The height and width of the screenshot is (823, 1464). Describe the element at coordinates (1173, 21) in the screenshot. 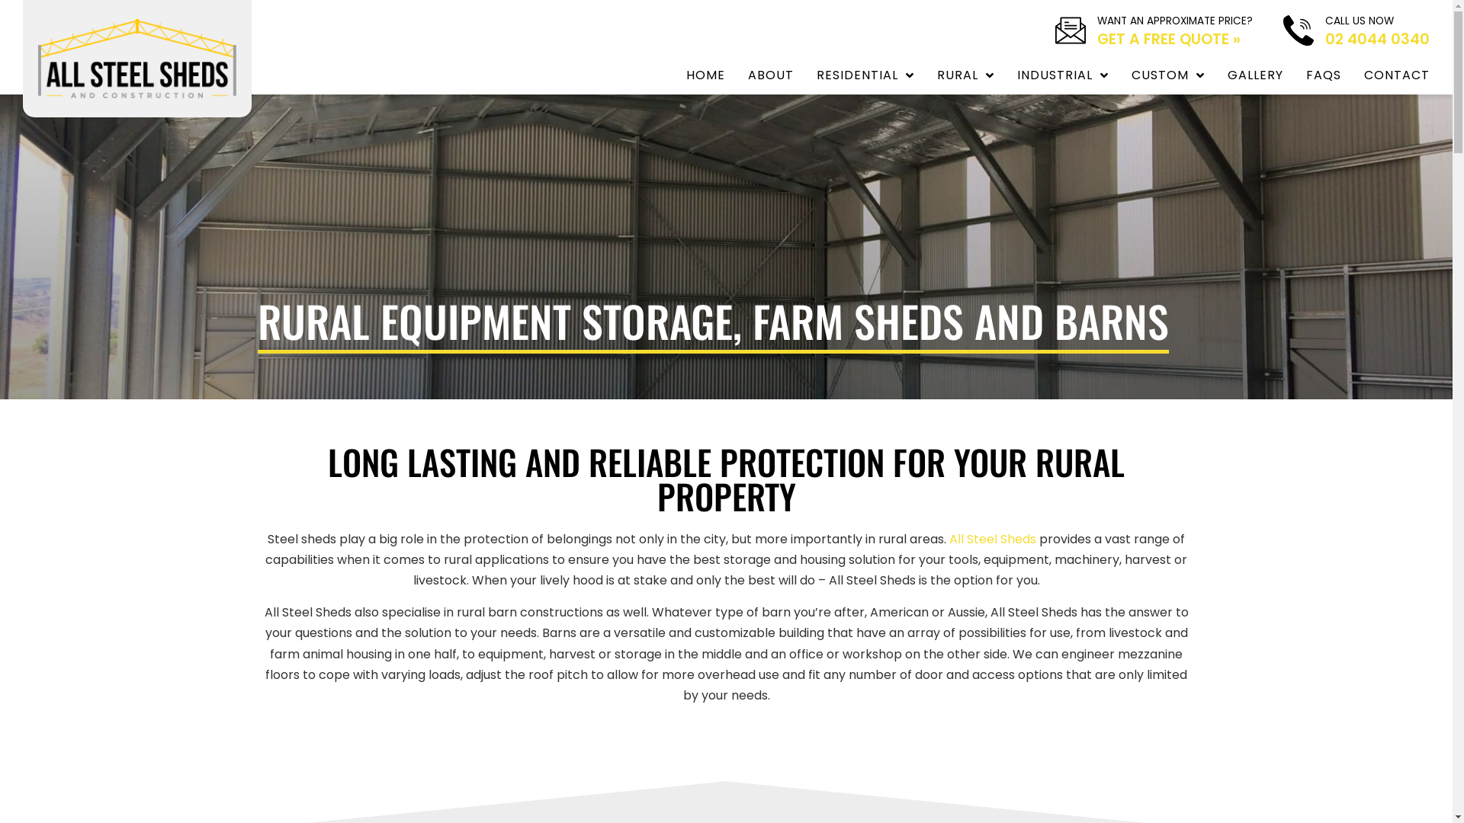

I see `'WANT AN APPROXIMATE PRICE?'` at that location.